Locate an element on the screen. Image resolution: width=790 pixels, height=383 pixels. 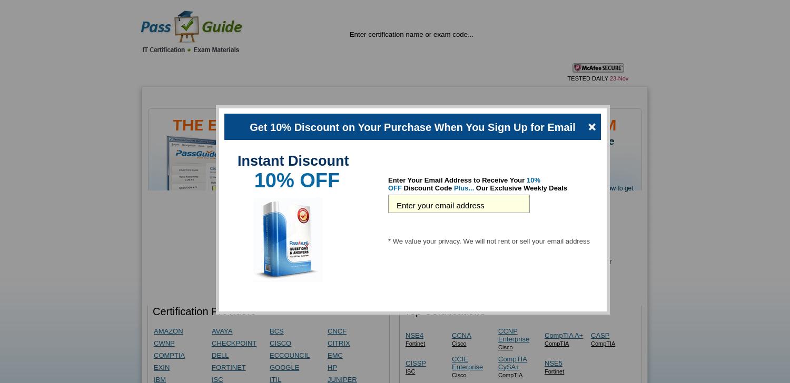
'ISC' is located at coordinates (410, 370).